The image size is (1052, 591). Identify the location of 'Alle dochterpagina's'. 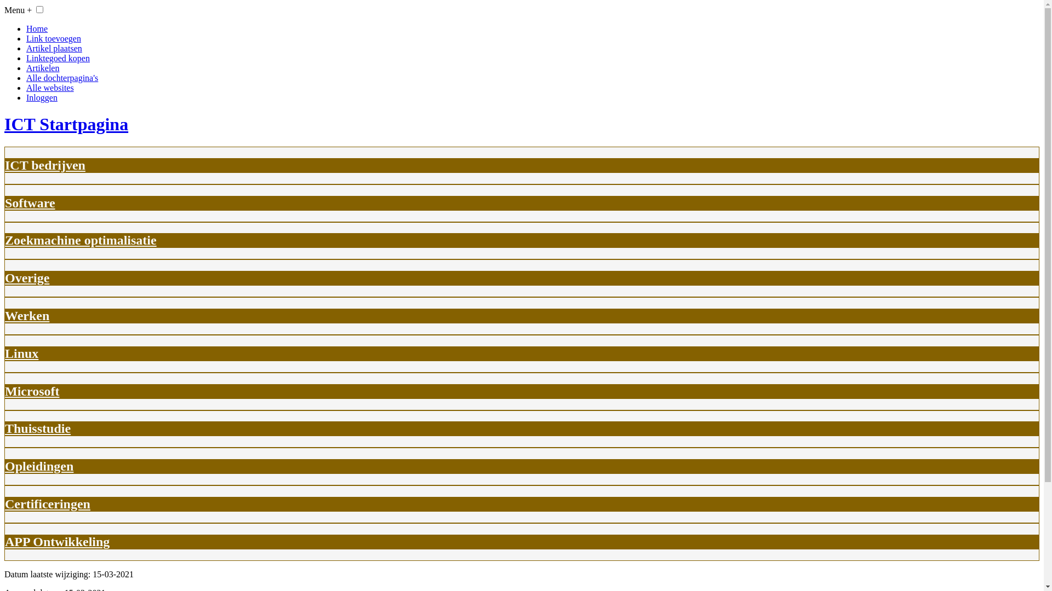
(61, 77).